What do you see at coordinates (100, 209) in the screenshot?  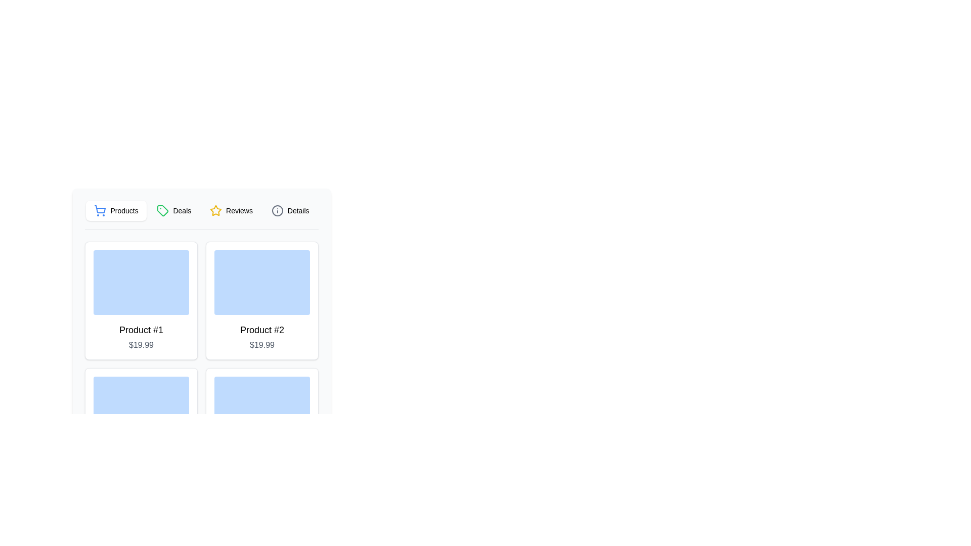 I see `the shopping cart icon located in the top-left corner of the interface, adjacent to the 'Products' label, which visually represents a shopping cart within the SVG` at bounding box center [100, 209].